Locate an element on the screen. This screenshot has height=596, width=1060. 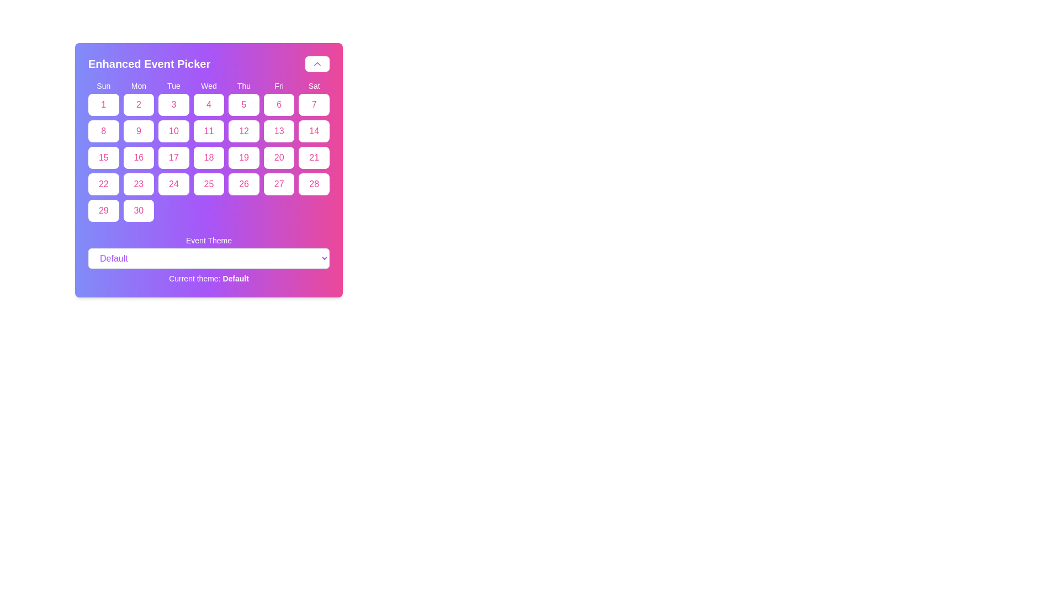
the rectangular button with rounded corners displaying the number '9' in pink text is located at coordinates (138, 131).